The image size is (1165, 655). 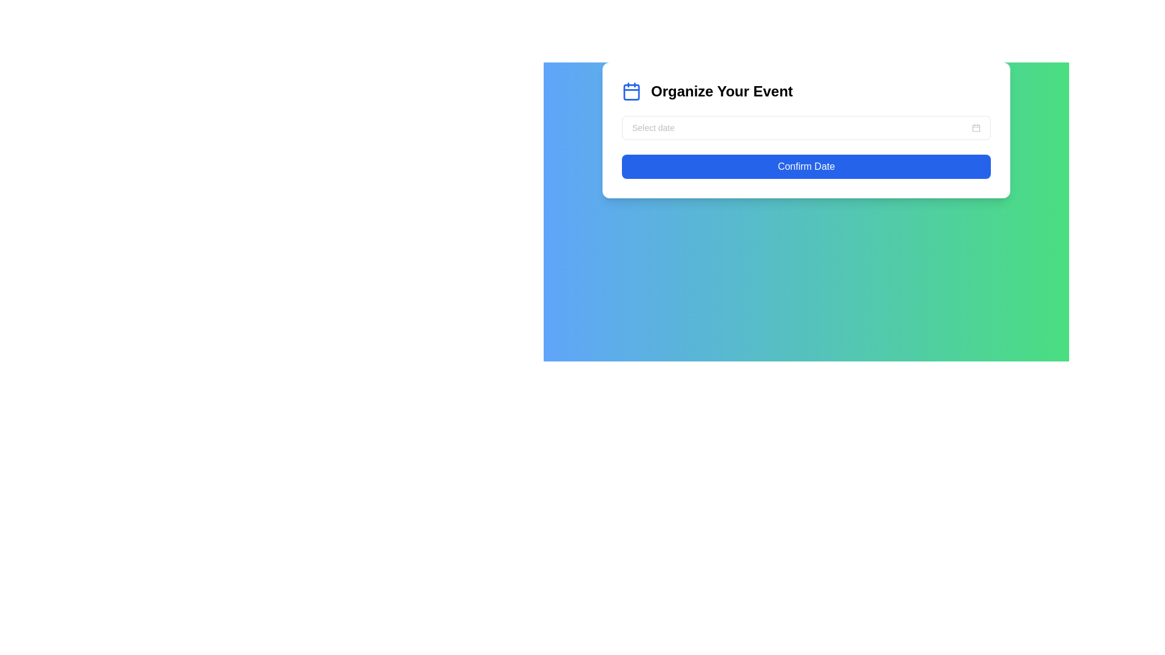 I want to click on the calendar icon located in the top-right corner of the date selector input field, so click(x=976, y=128).